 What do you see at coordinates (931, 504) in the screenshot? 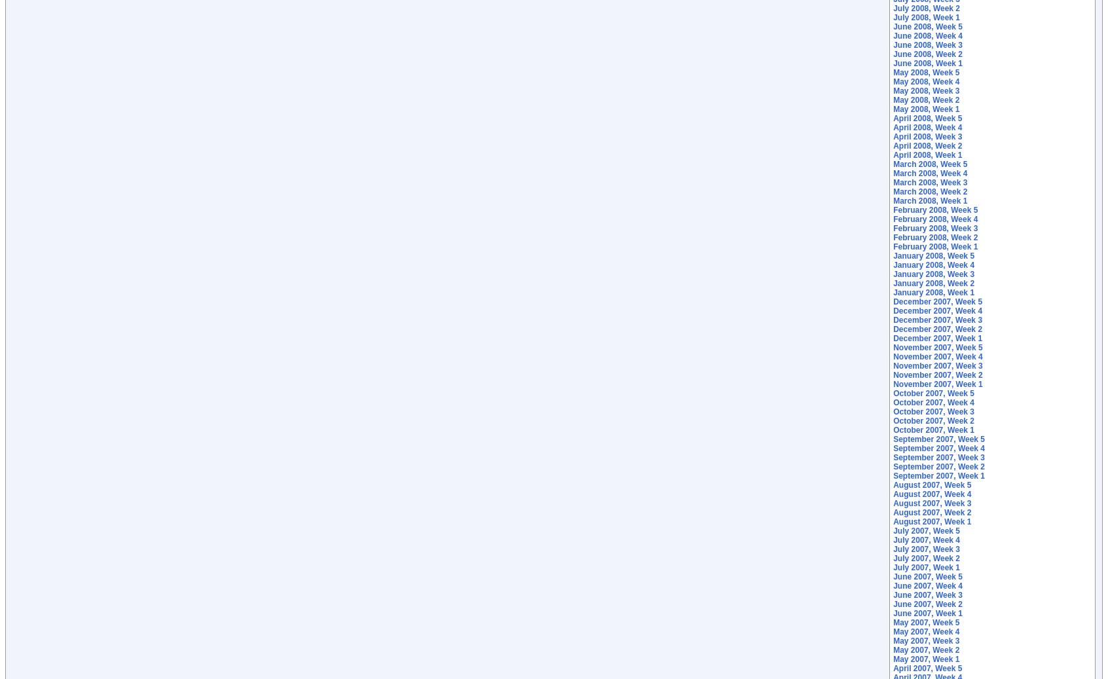
I see `'August 2007, Week 3'` at bounding box center [931, 504].